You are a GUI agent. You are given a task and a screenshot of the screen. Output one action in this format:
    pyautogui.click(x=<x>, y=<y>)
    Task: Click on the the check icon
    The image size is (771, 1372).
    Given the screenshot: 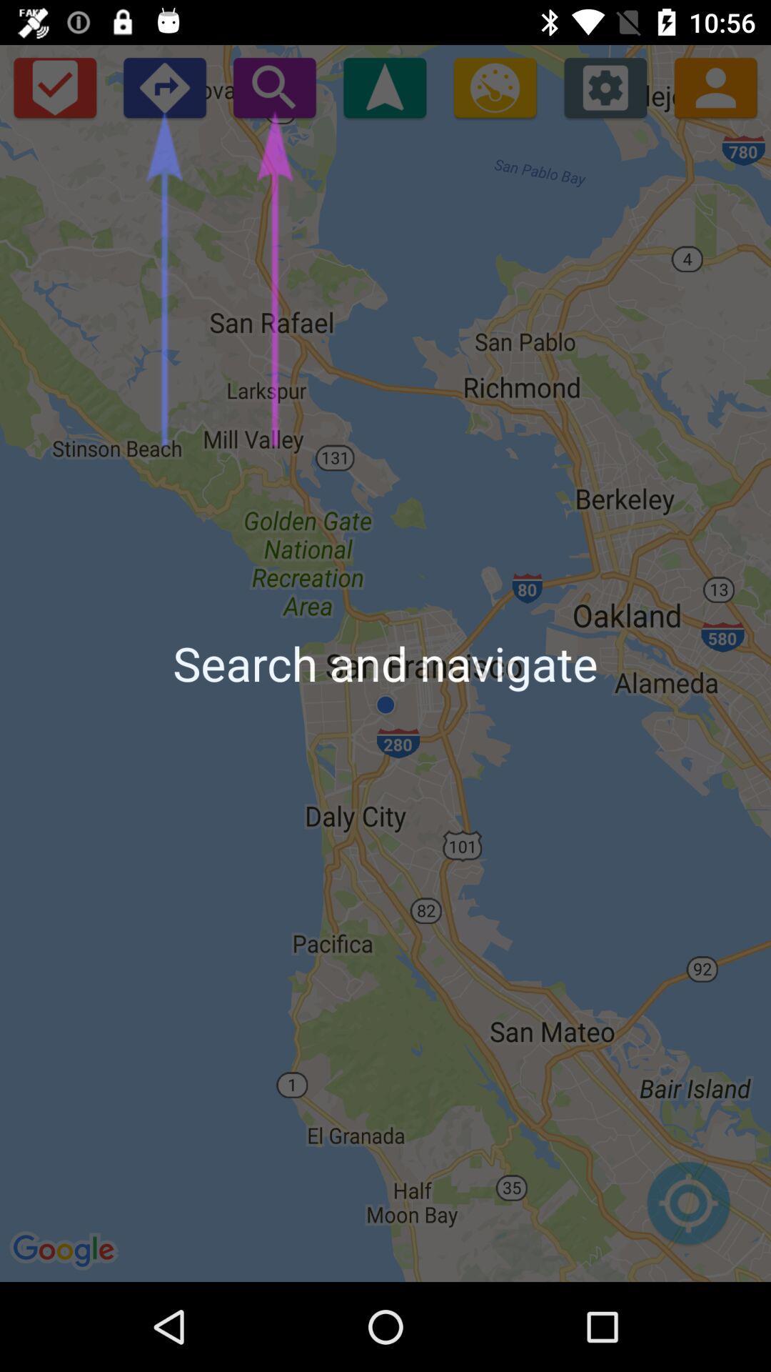 What is the action you would take?
    pyautogui.click(x=54, y=86)
    